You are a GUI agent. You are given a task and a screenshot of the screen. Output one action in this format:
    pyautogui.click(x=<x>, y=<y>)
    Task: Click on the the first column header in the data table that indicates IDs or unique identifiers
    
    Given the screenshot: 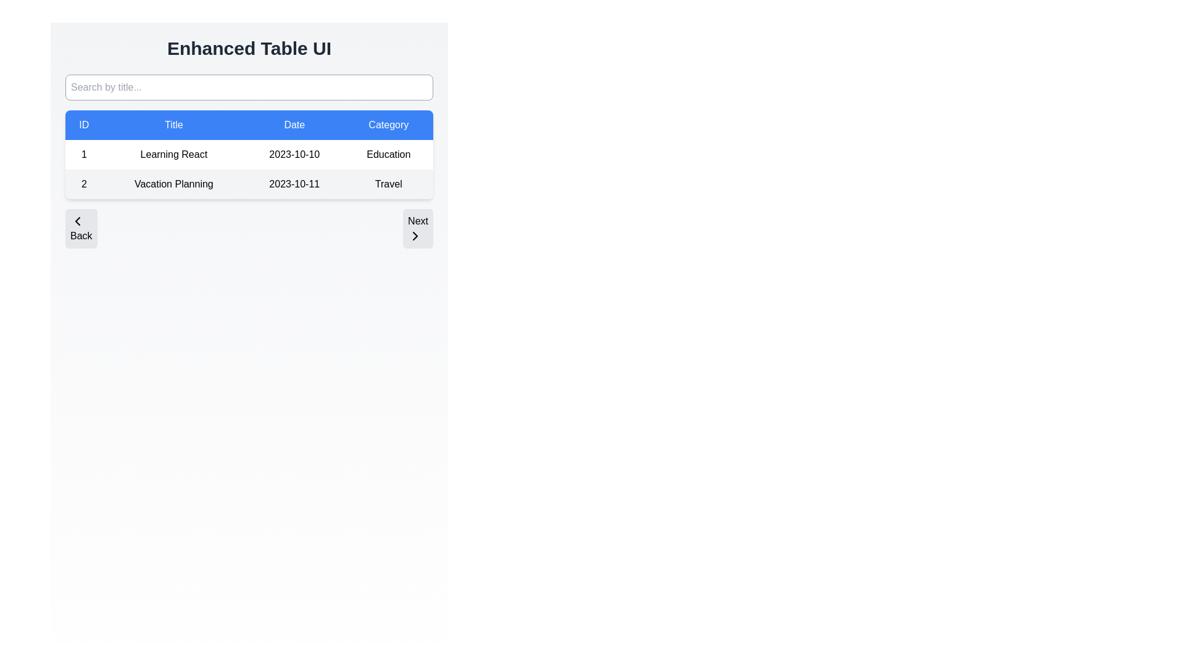 What is the action you would take?
    pyautogui.click(x=83, y=125)
    